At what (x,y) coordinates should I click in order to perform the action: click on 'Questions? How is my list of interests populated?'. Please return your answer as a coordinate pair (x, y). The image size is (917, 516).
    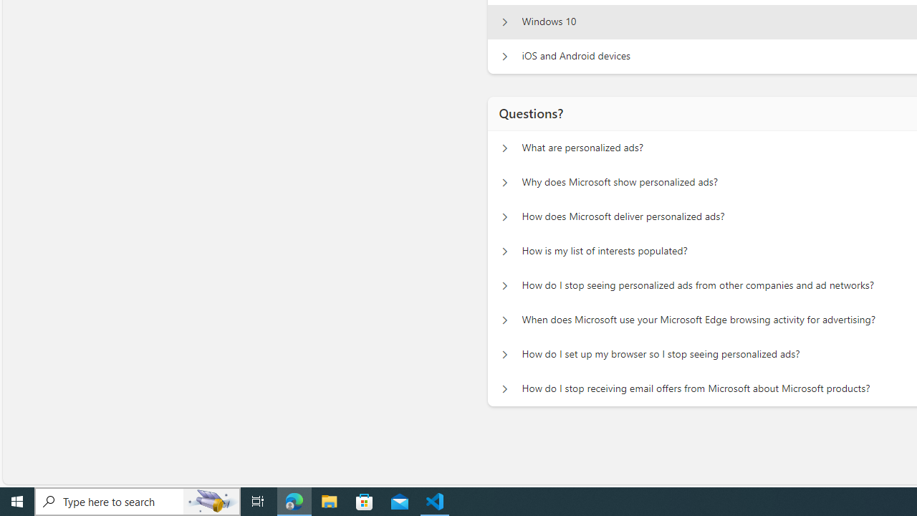
    Looking at the image, I should click on (504, 251).